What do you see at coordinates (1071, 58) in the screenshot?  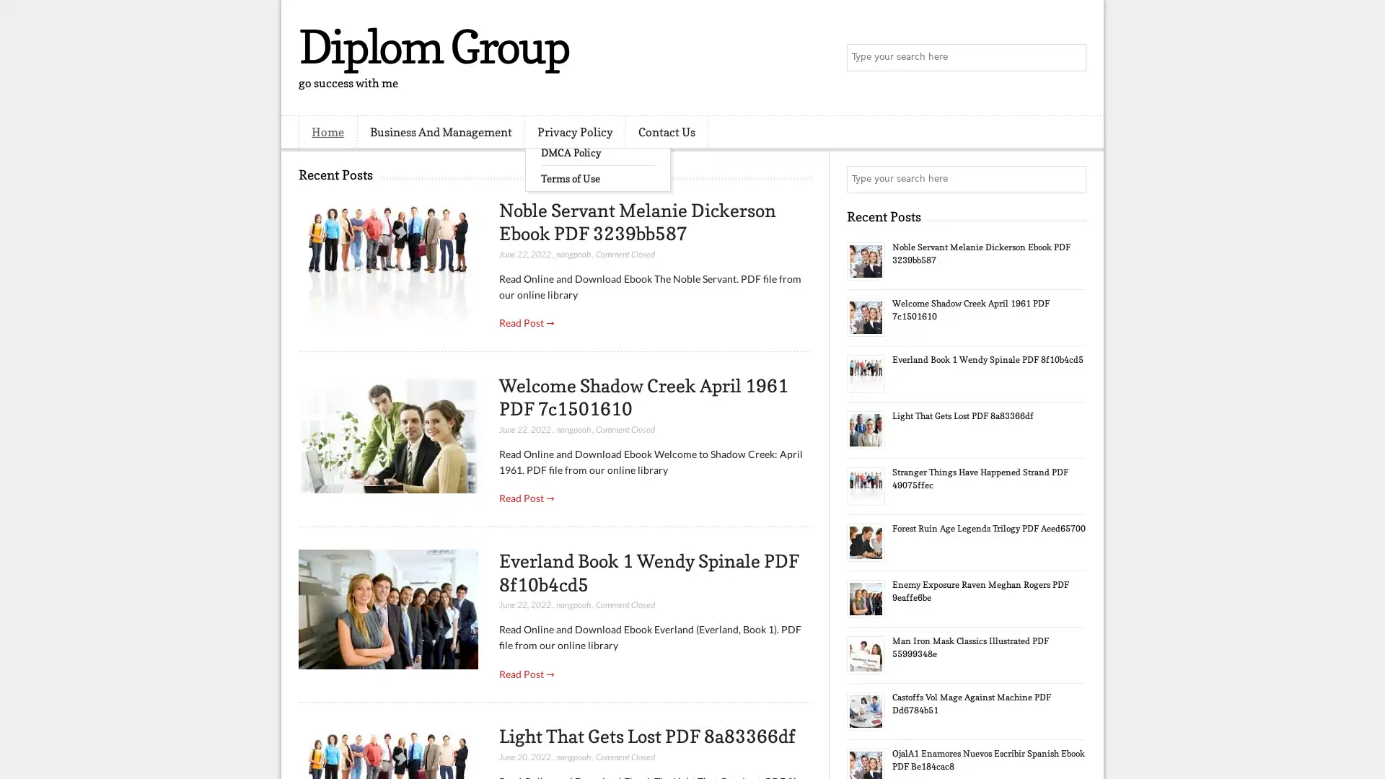 I see `Search` at bounding box center [1071, 58].